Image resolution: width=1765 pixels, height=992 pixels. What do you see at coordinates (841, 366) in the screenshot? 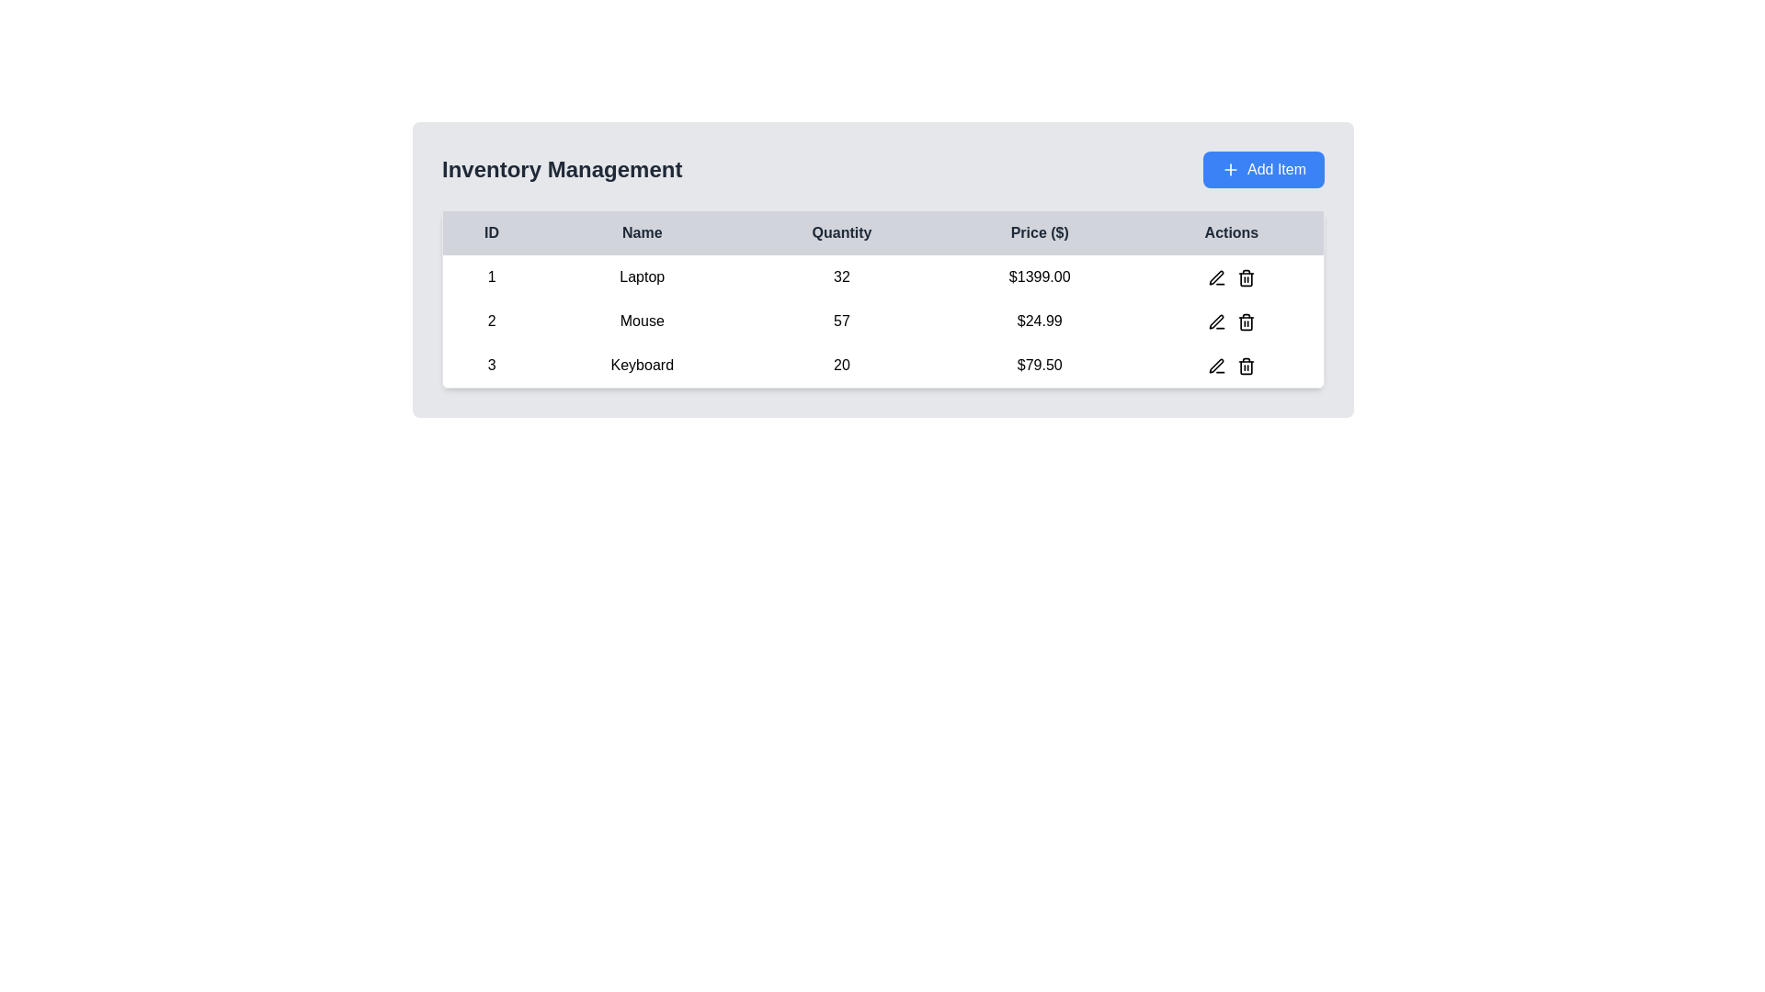
I see `the text label displaying the number '20' in the third cell of the row detailing the item 'Keyboard'` at bounding box center [841, 366].